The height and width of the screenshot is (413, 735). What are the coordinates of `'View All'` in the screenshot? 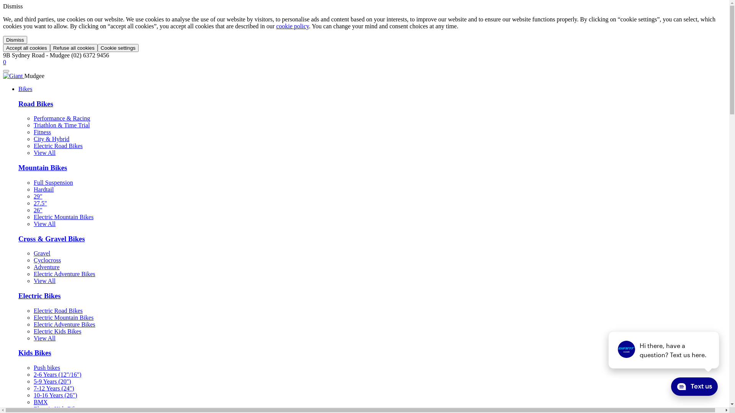 It's located at (44, 338).